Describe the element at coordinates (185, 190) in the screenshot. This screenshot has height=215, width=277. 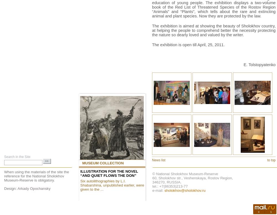
I see `'sholokhov@sholokhov.ru'` at that location.